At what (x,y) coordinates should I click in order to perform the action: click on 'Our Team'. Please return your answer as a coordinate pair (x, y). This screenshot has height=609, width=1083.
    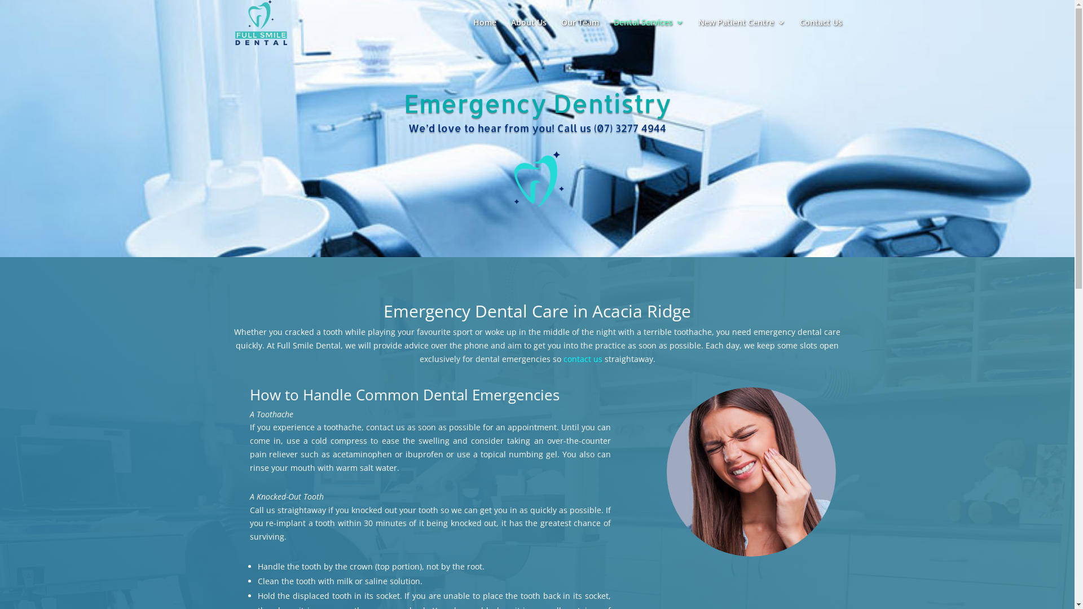
    Looking at the image, I should click on (579, 31).